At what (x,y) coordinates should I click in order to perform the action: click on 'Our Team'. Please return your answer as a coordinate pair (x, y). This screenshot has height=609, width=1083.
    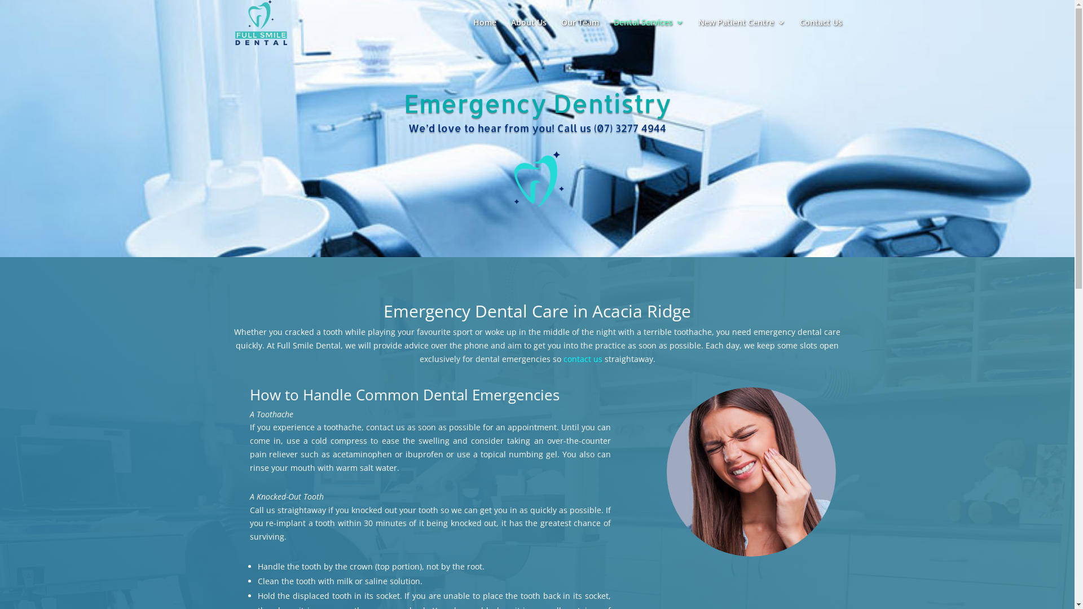
    Looking at the image, I should click on (579, 31).